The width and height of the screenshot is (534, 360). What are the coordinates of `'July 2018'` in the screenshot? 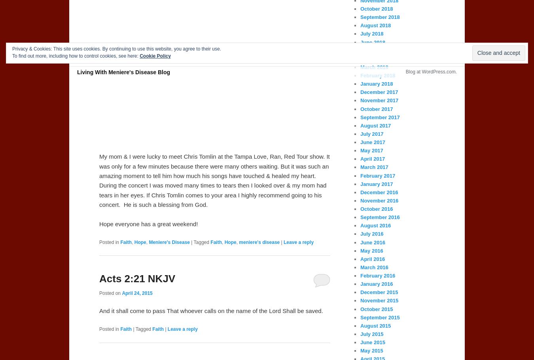 It's located at (360, 34).